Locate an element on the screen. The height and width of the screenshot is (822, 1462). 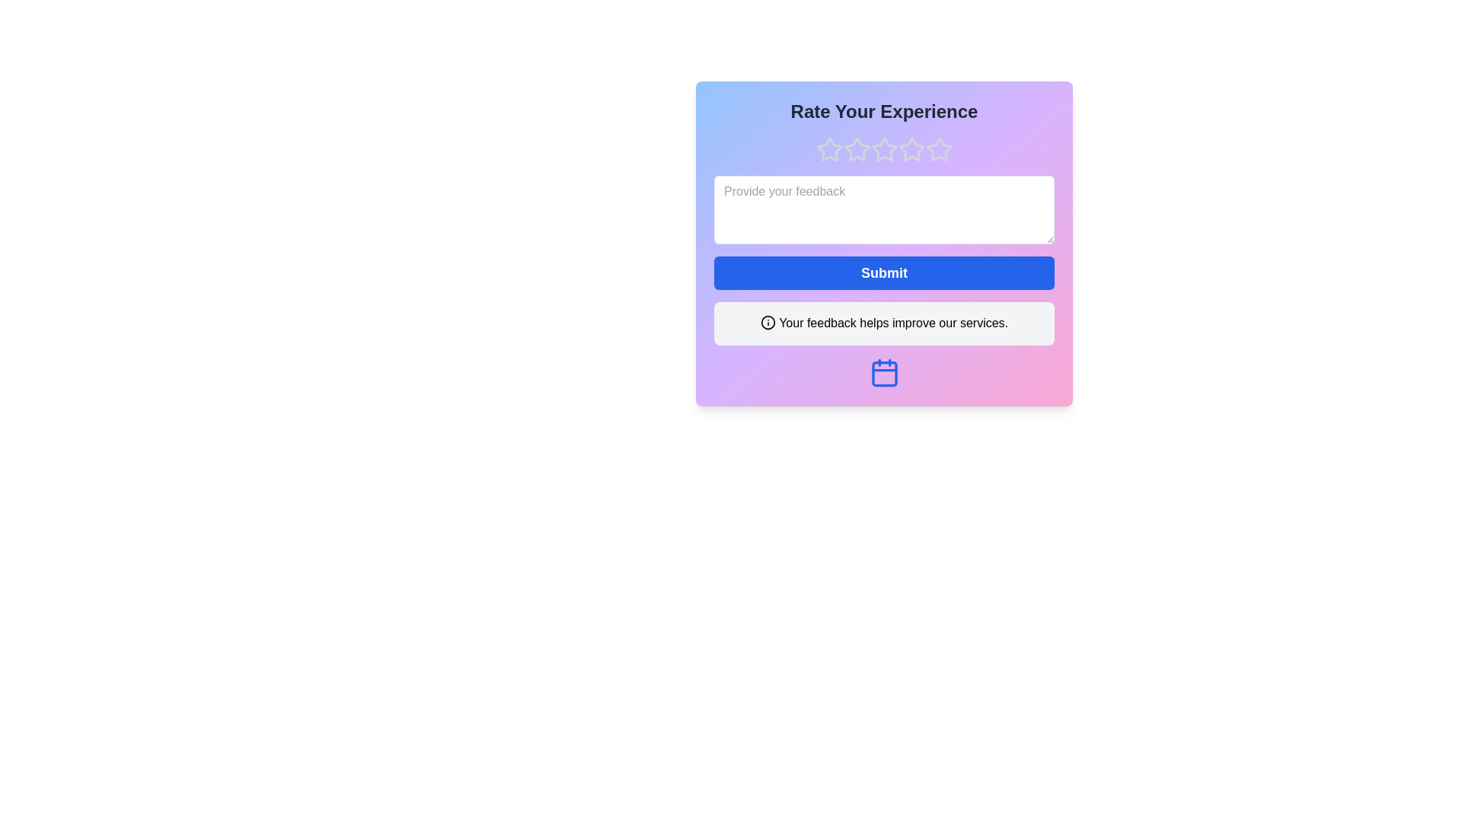
the calendar icon to observe it is located at coordinates (884, 372).